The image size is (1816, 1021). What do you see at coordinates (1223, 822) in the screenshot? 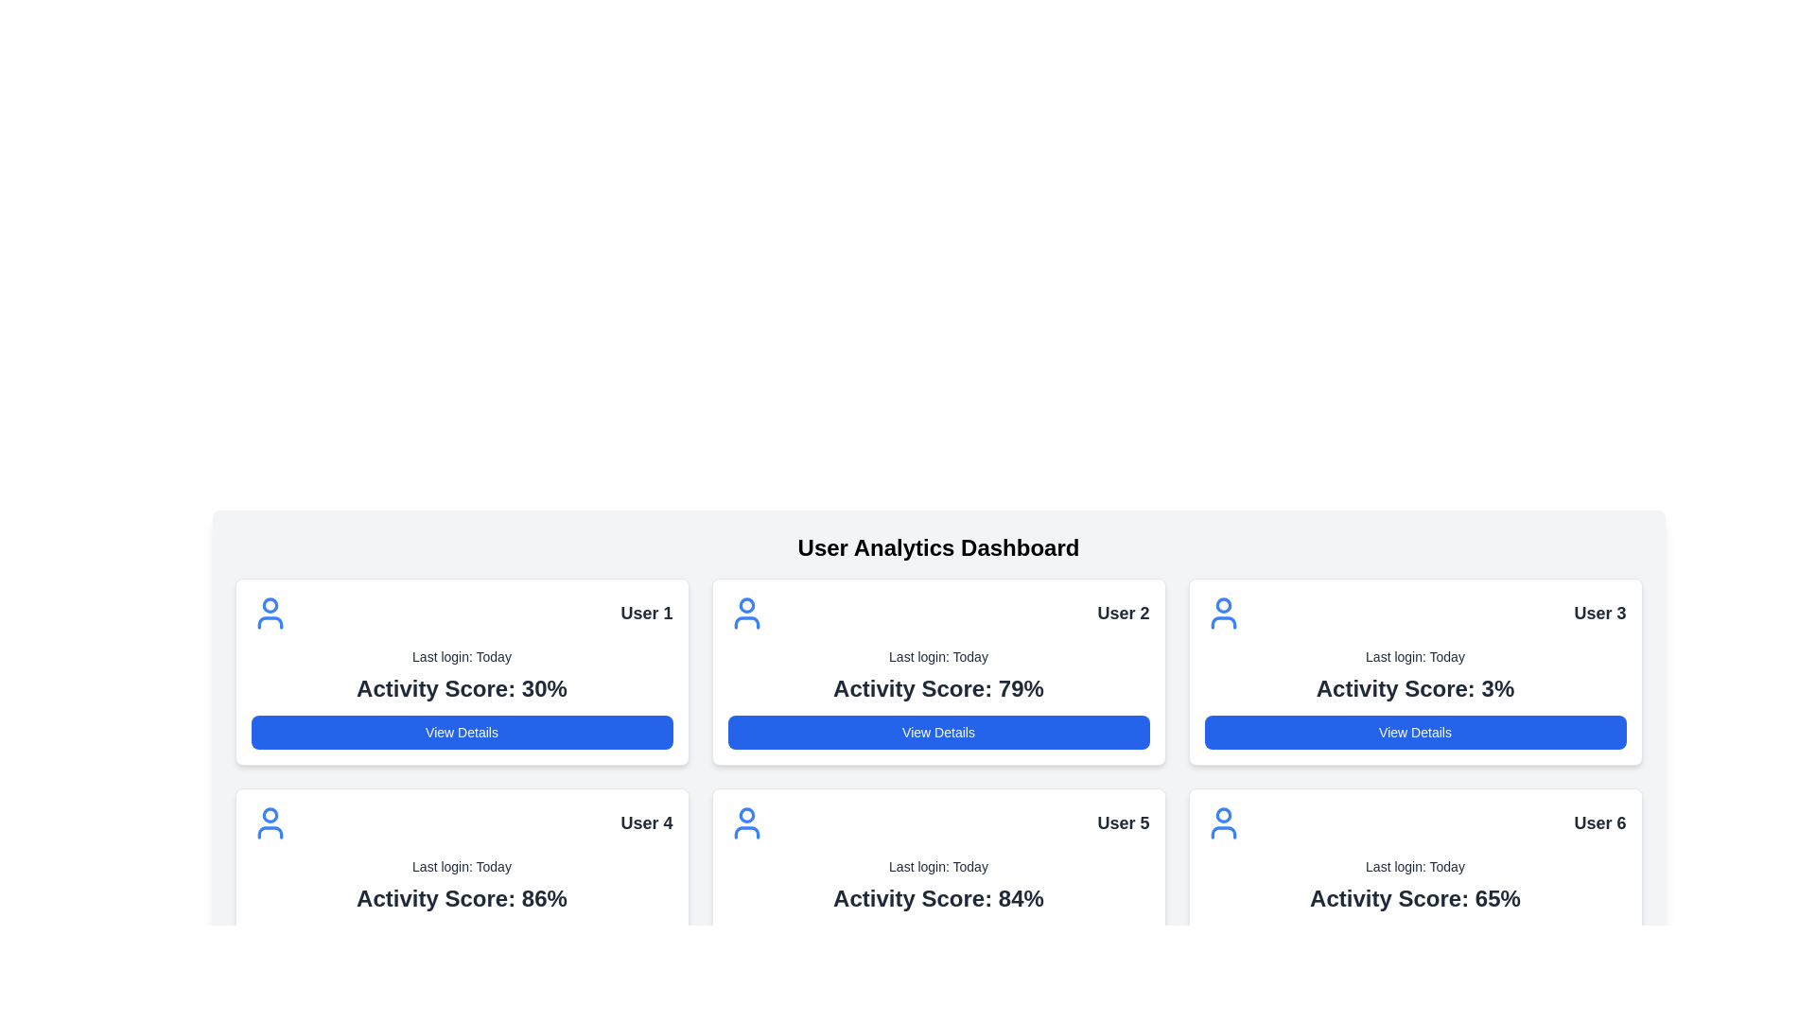
I see `the user icon located in the top-left corner of the User 6 section, which visually identifies this section as pertaining to a user` at bounding box center [1223, 822].